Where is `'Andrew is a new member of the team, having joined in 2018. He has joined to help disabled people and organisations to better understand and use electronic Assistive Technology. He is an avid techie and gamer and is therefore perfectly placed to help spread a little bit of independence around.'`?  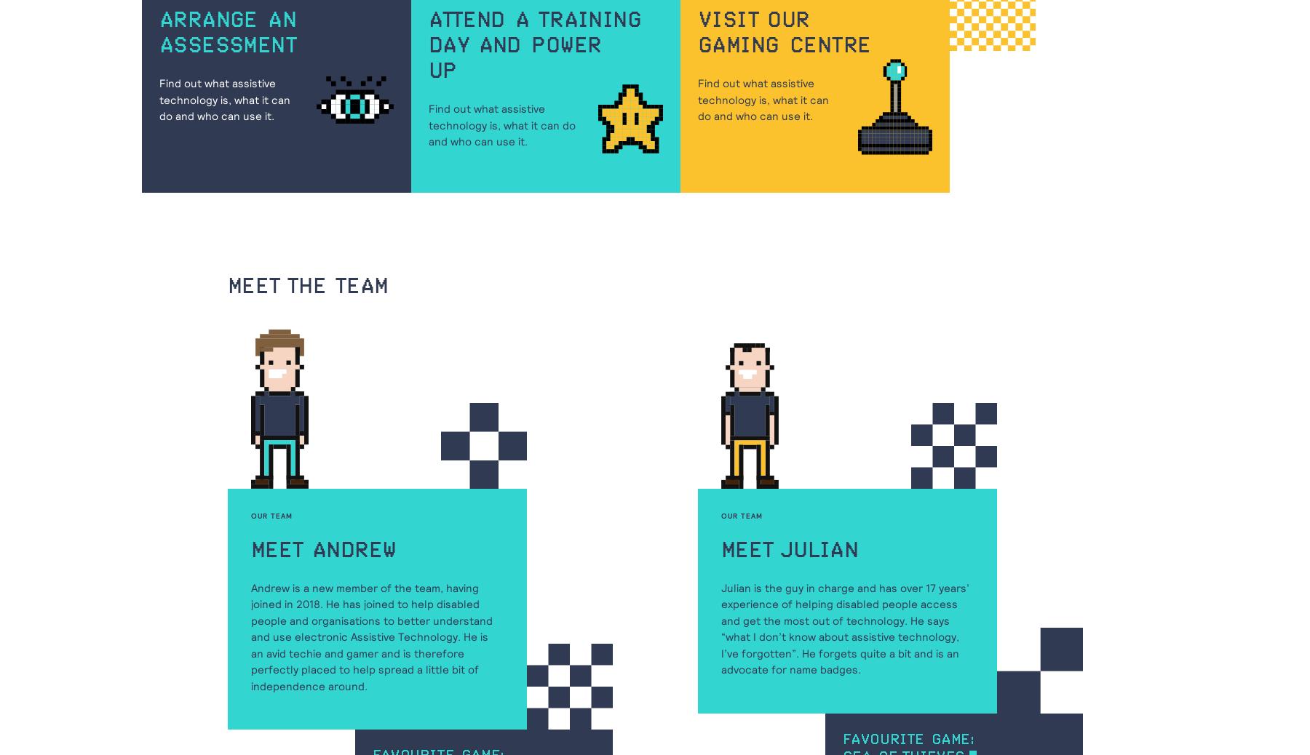
'Andrew is a new member of the team, having joined in 2018. He has joined to help disabled people and organisations to better understand and use electronic Assistive Technology. He is an avid techie and gamer and is therefore perfectly placed to help spread a little bit of independence around.' is located at coordinates (251, 636).